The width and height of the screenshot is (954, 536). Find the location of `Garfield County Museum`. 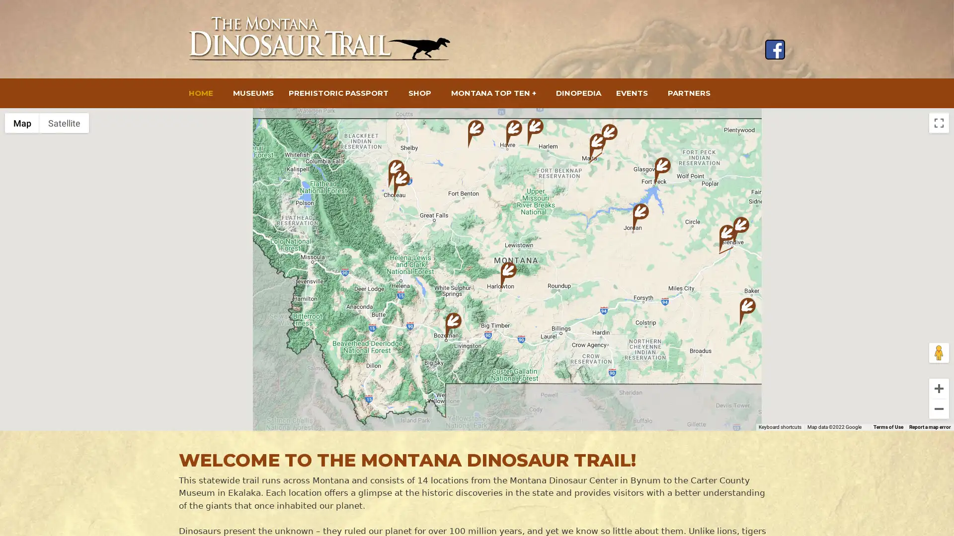

Garfield County Museum is located at coordinates (641, 217).